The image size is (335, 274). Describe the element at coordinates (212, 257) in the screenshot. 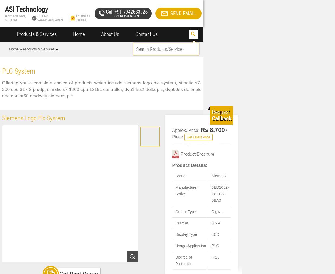

I see `'IP20'` at that location.